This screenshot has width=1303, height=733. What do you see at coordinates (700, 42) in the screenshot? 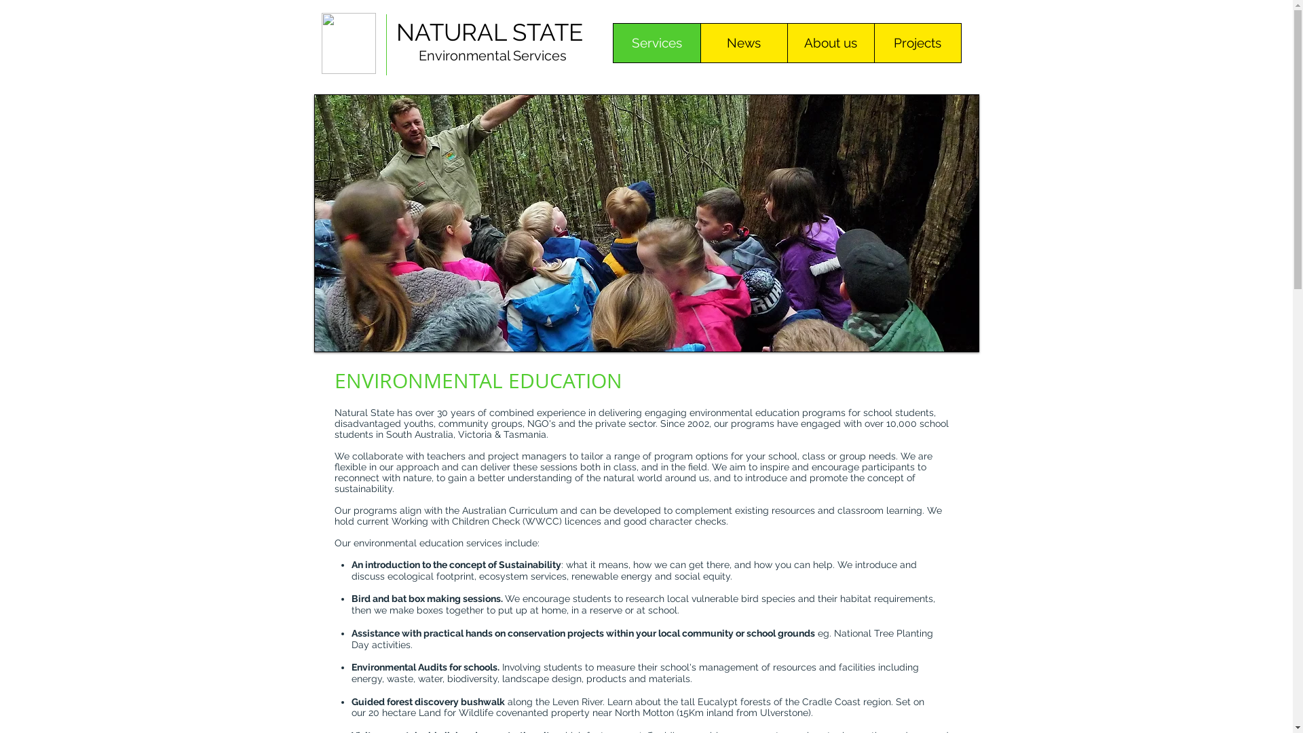
I see `'News'` at bounding box center [700, 42].